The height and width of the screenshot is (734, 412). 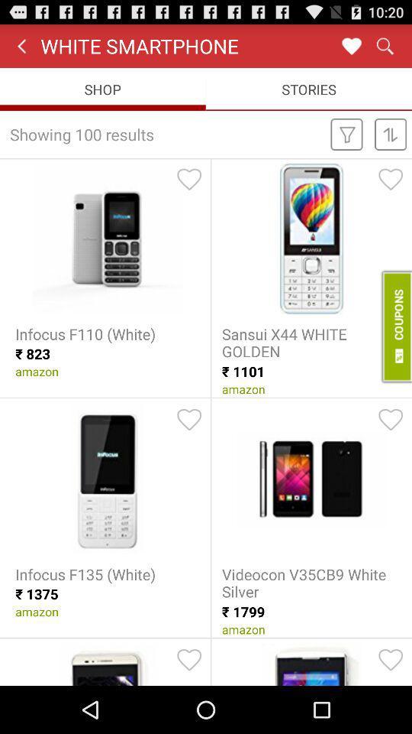 I want to click on second icon beside the text showing 100 results, so click(x=390, y=133).